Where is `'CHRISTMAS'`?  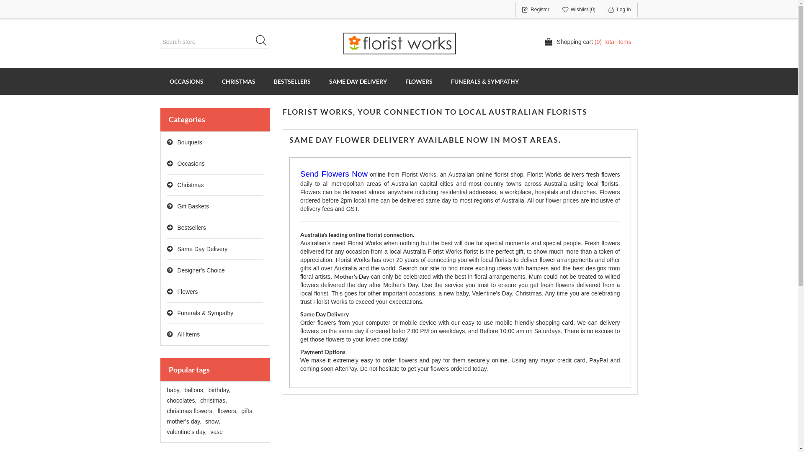 'CHRISTMAS' is located at coordinates (213, 81).